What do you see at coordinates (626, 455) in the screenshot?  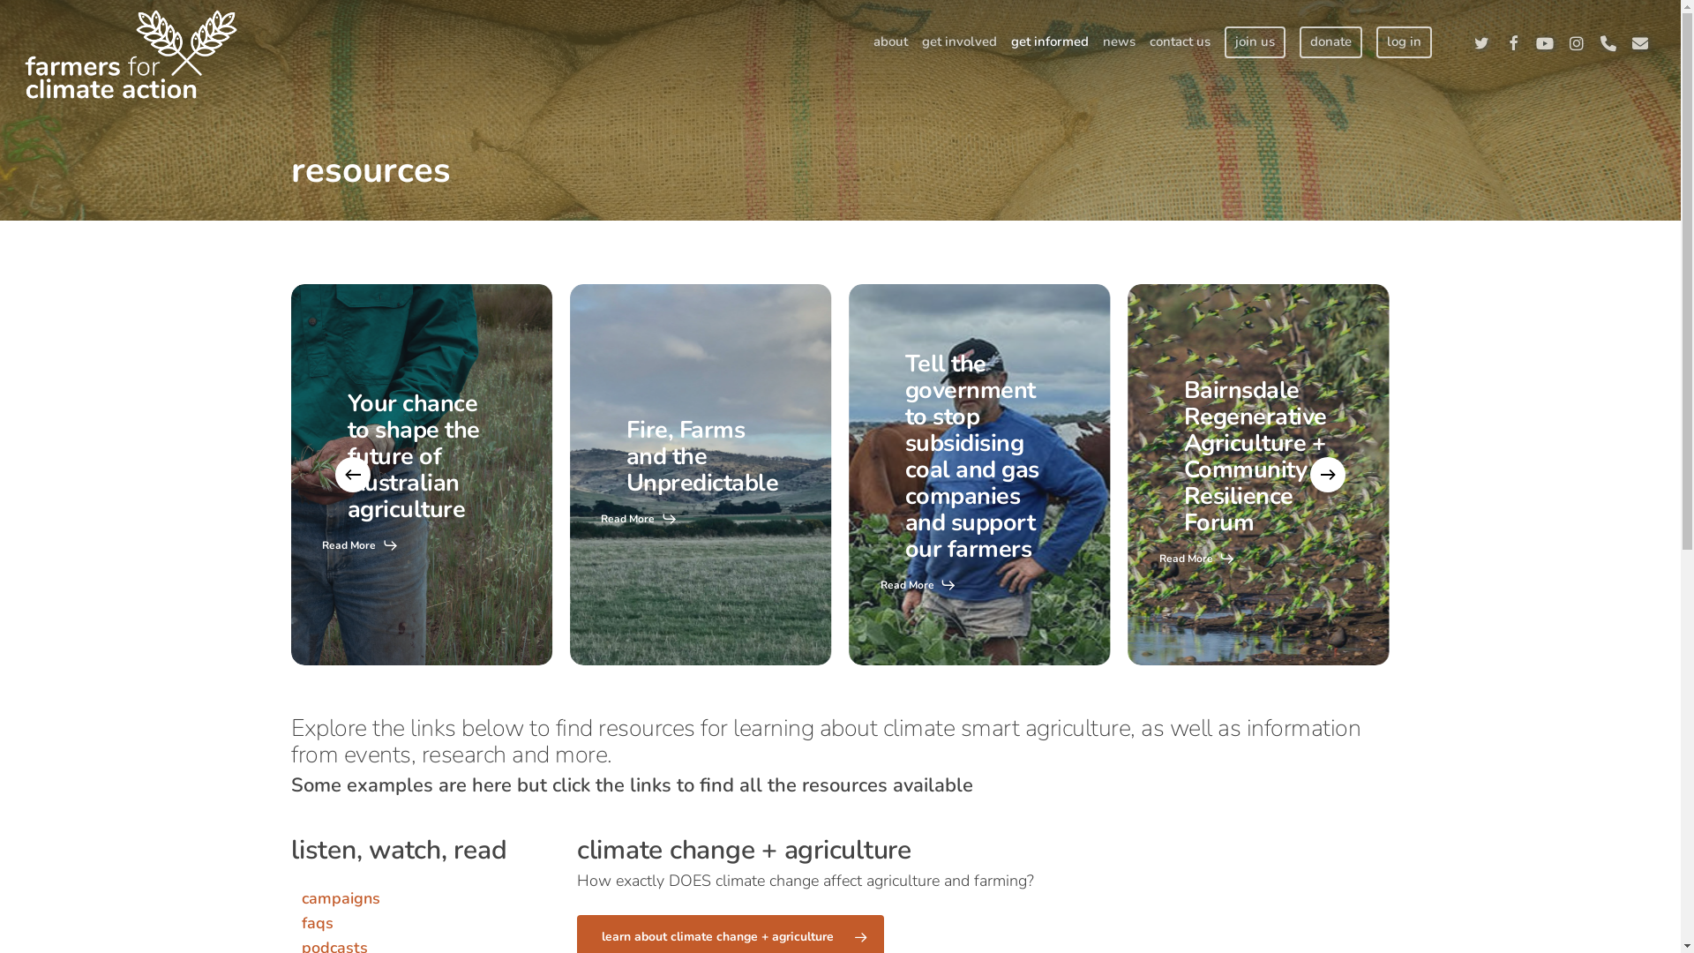 I see `'Fire, Farms and the Unpredictable'` at bounding box center [626, 455].